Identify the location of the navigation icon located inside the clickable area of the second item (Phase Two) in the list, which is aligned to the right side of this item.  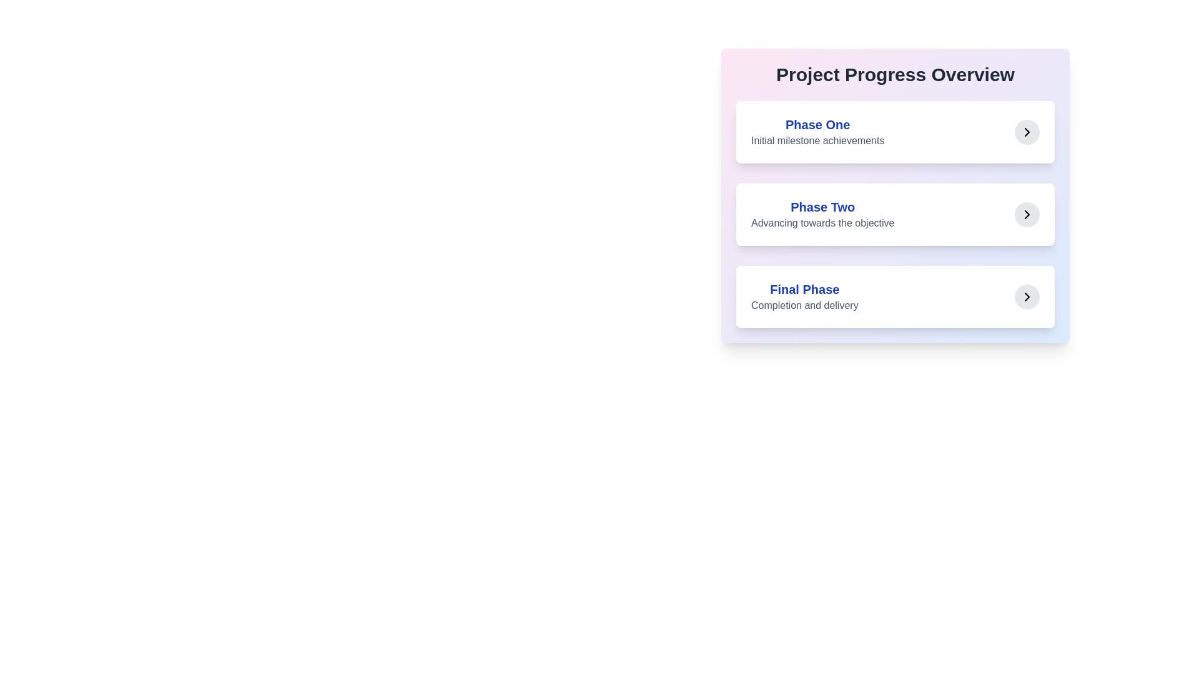
(1027, 213).